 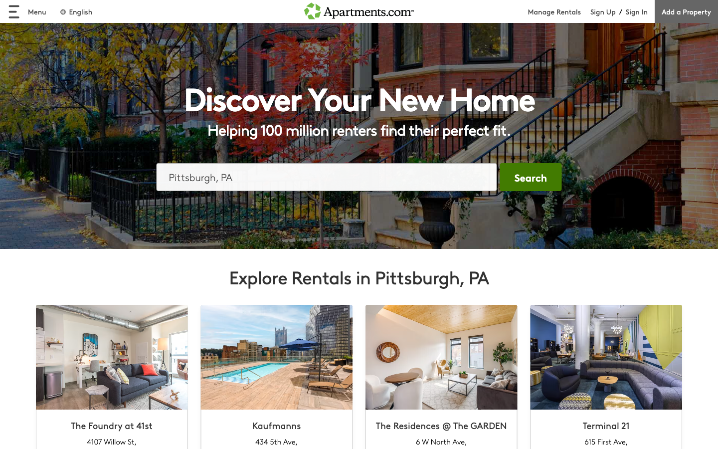 What do you see at coordinates (359, 11) in the screenshot?
I see `the homepage` at bounding box center [359, 11].